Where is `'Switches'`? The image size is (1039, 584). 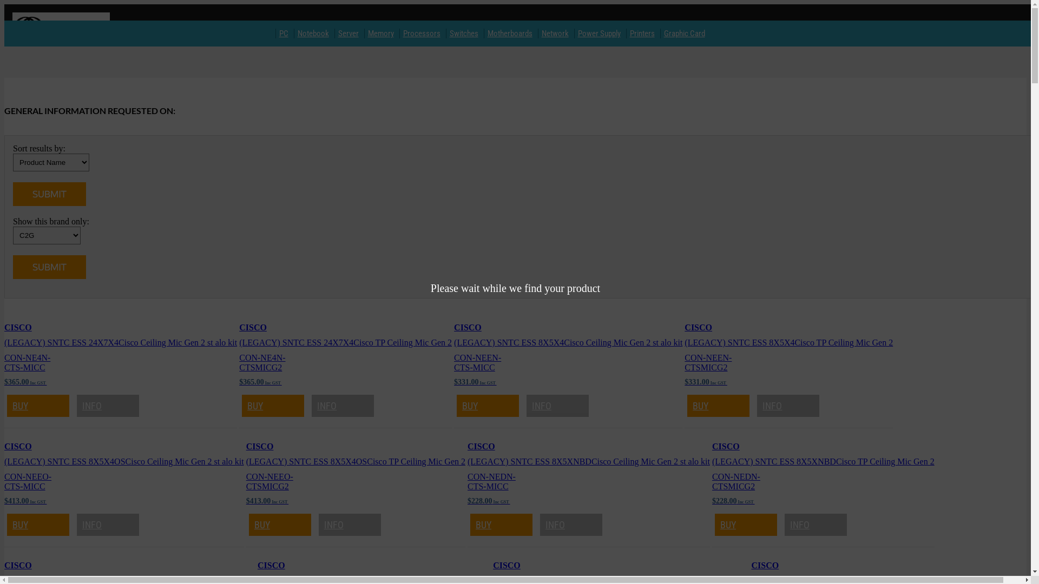
'Switches' is located at coordinates (446, 32).